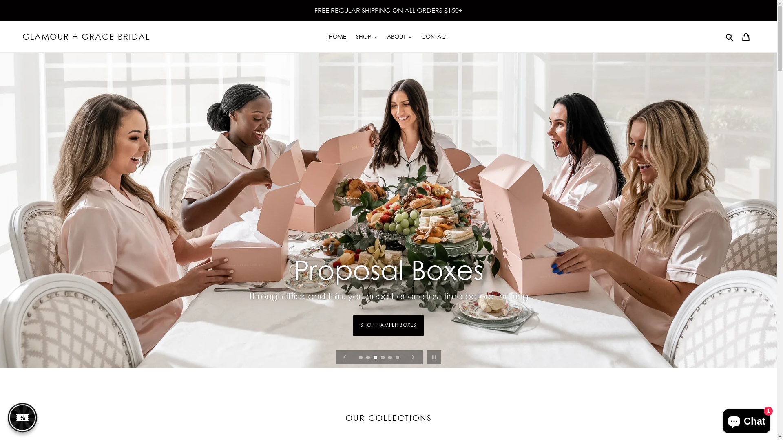 The image size is (783, 440). What do you see at coordinates (399, 36) in the screenshot?
I see `'ABOUT'` at bounding box center [399, 36].